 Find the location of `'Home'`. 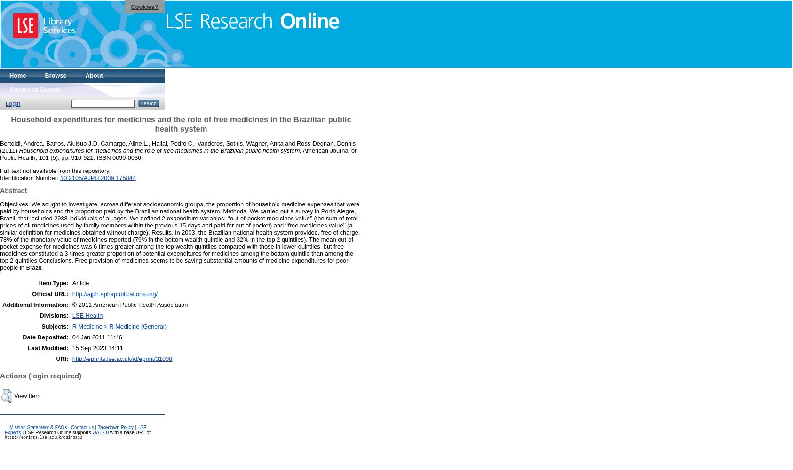

'Home' is located at coordinates (17, 75).